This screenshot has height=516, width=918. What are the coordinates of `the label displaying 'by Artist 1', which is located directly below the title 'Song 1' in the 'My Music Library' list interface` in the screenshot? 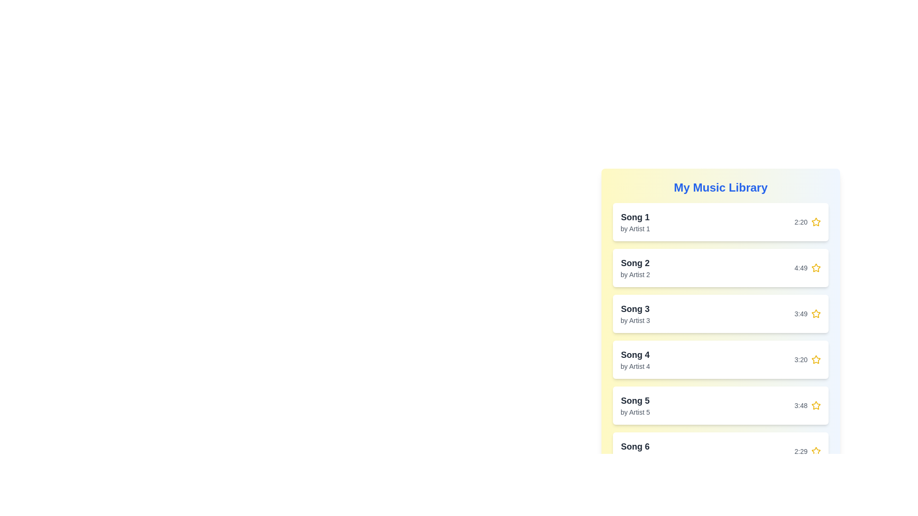 It's located at (635, 228).